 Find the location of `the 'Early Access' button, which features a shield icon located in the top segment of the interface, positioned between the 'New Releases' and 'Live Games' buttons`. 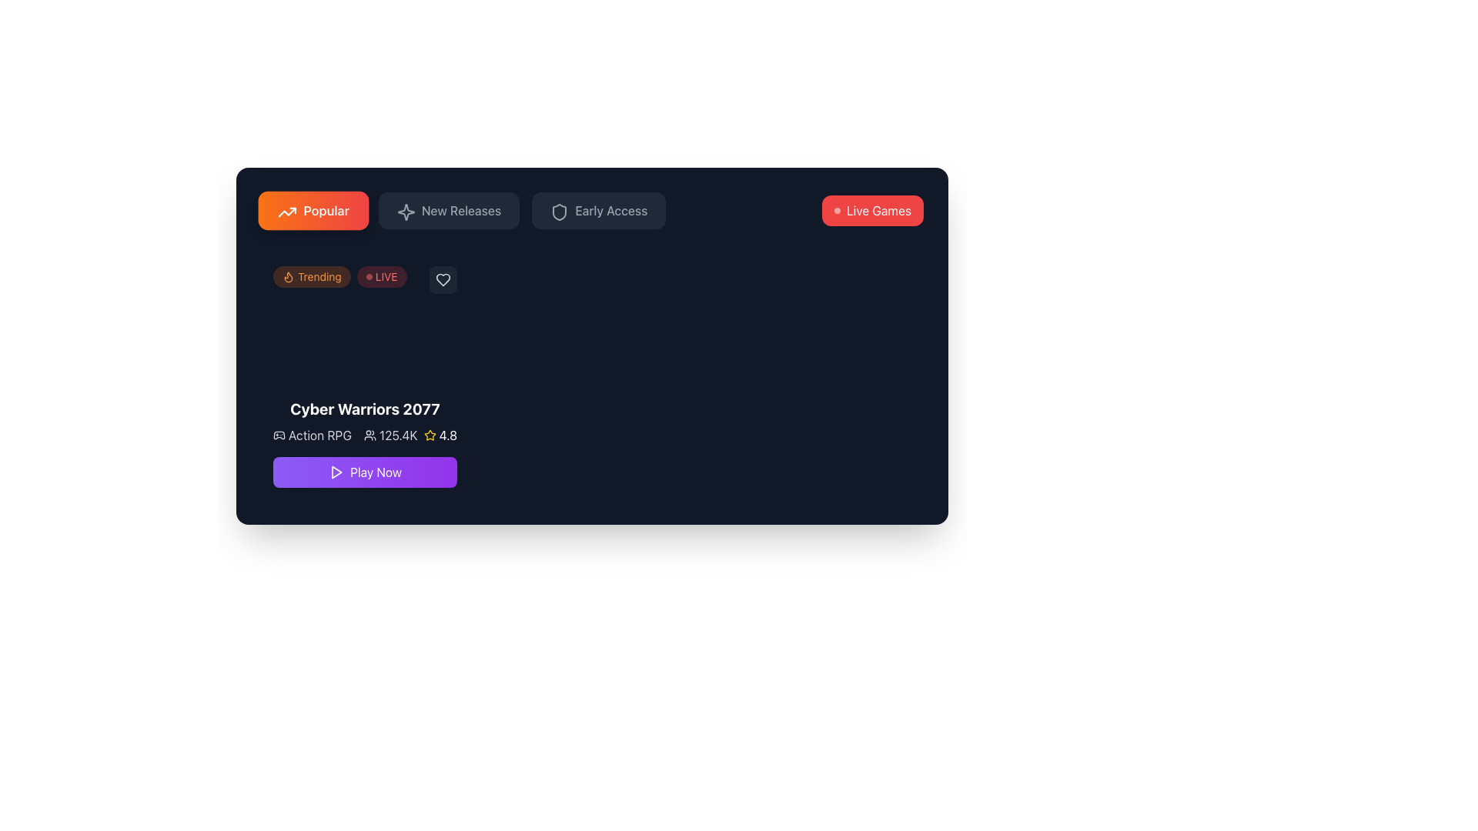

the 'Early Access' button, which features a shield icon located in the top segment of the interface, positioned between the 'New Releases' and 'Live Games' buttons is located at coordinates (559, 212).